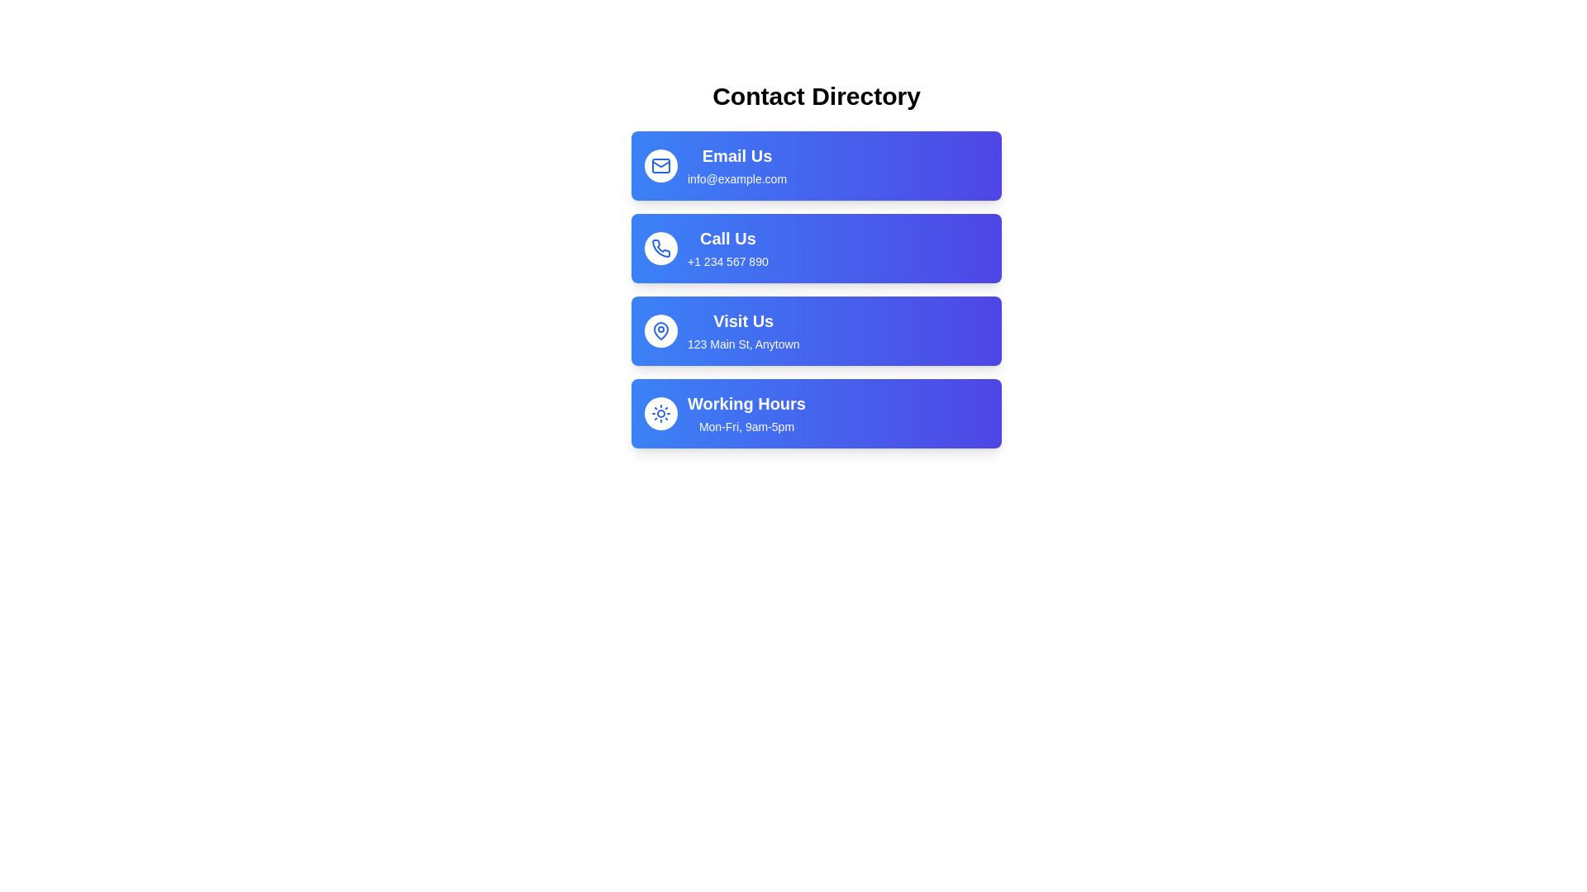 The height and width of the screenshot is (892, 1587). I want to click on the email address text located directly beneath the 'Email Us' header in the first section of the vertical list on the interface, so click(736, 178).